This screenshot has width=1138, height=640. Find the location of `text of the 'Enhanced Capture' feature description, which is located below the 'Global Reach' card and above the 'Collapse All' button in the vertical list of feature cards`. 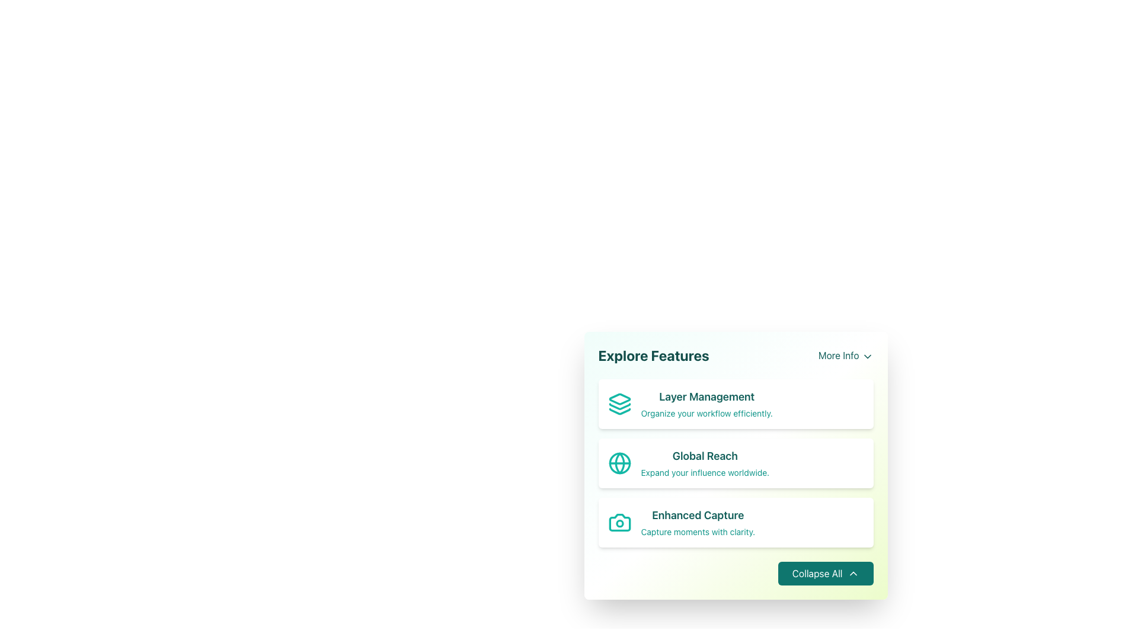

text of the 'Enhanced Capture' feature description, which is located below the 'Global Reach' card and above the 'Collapse All' button in the vertical list of feature cards is located at coordinates (698, 522).